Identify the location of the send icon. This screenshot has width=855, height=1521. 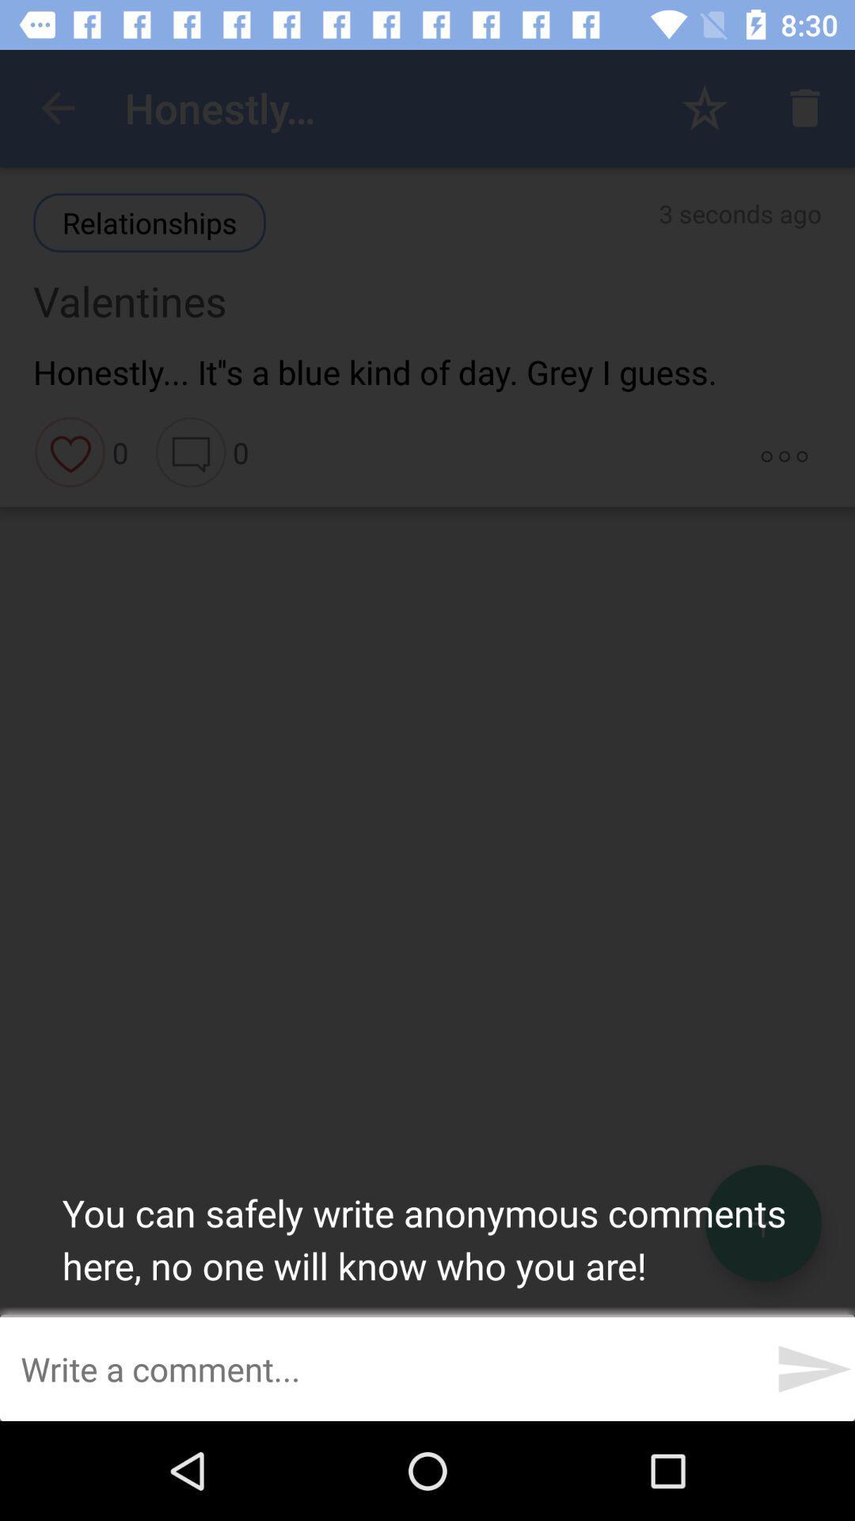
(813, 1368).